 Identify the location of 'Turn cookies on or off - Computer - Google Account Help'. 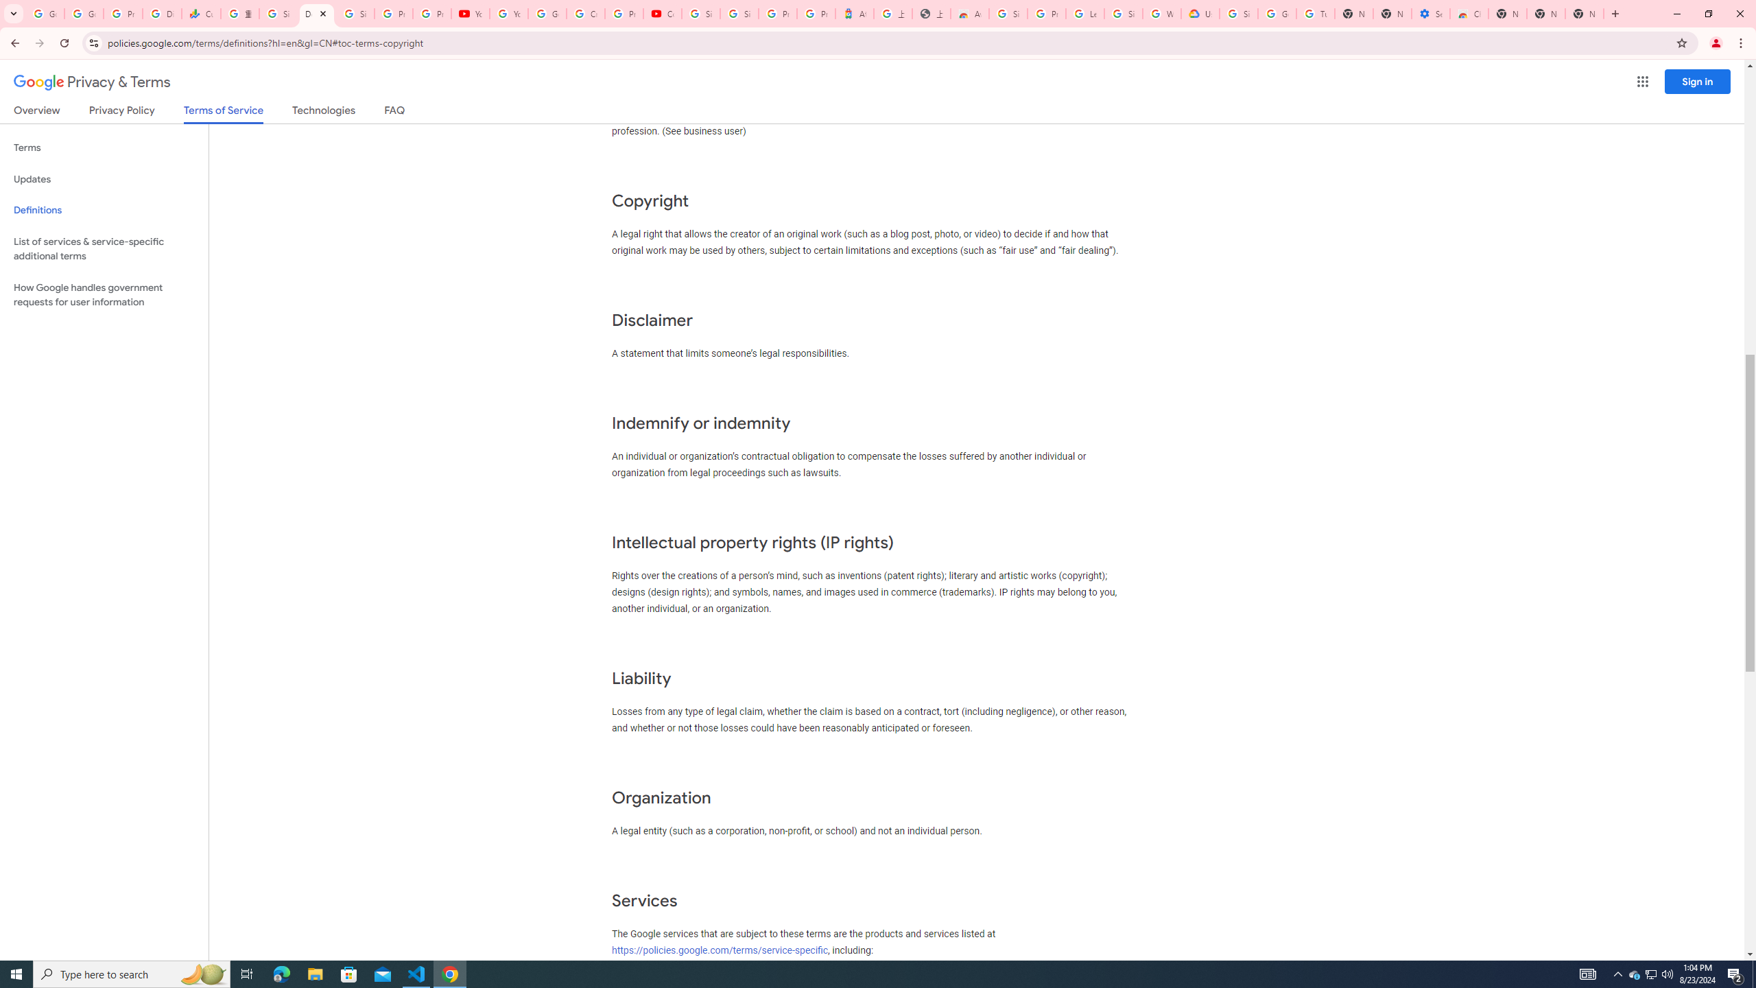
(1315, 13).